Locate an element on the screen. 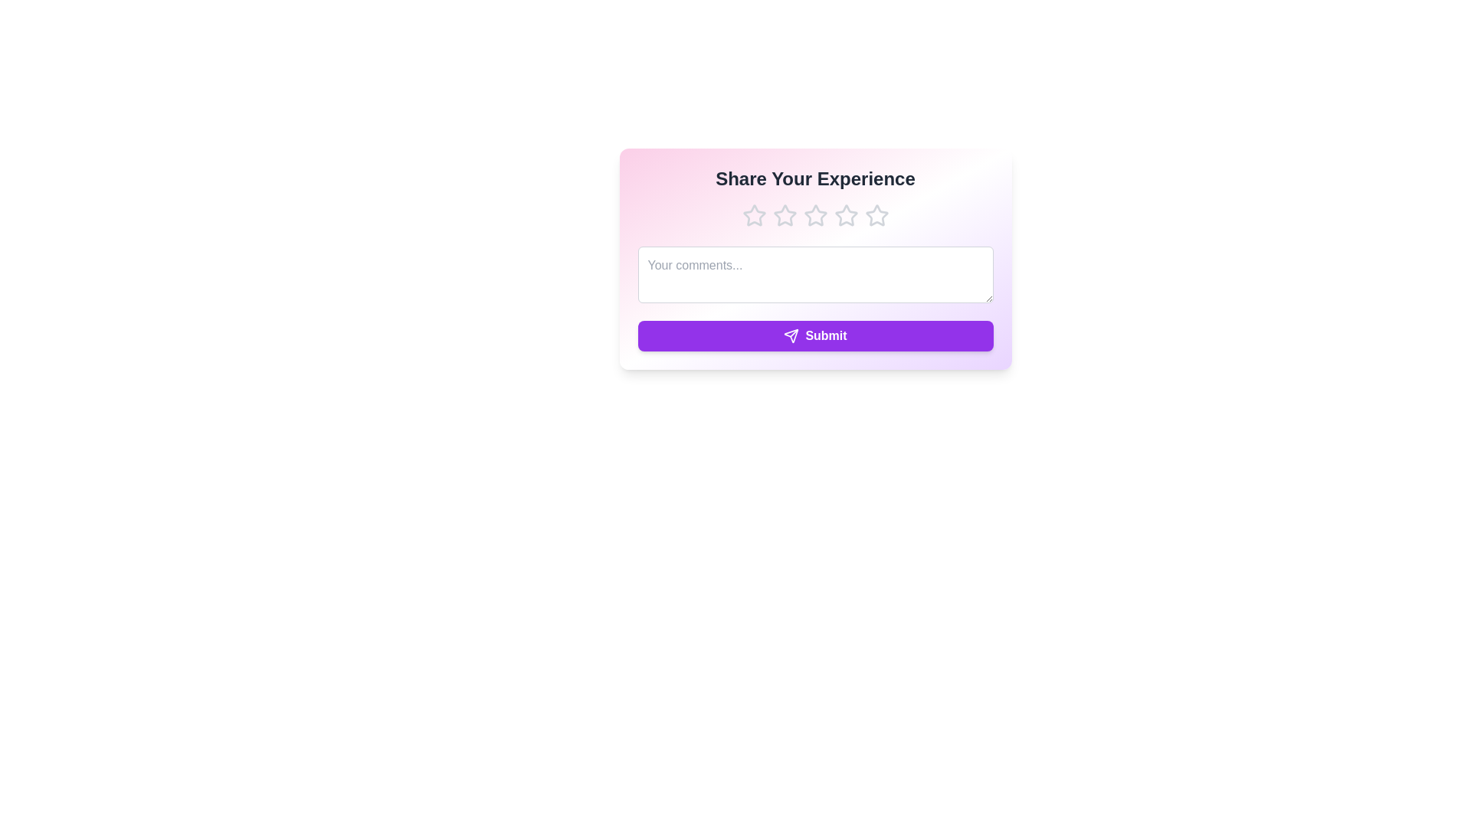  text of the heading element located at the top of the user feedback card, which serves to indicate the purpose of the card below it is located at coordinates (814, 178).